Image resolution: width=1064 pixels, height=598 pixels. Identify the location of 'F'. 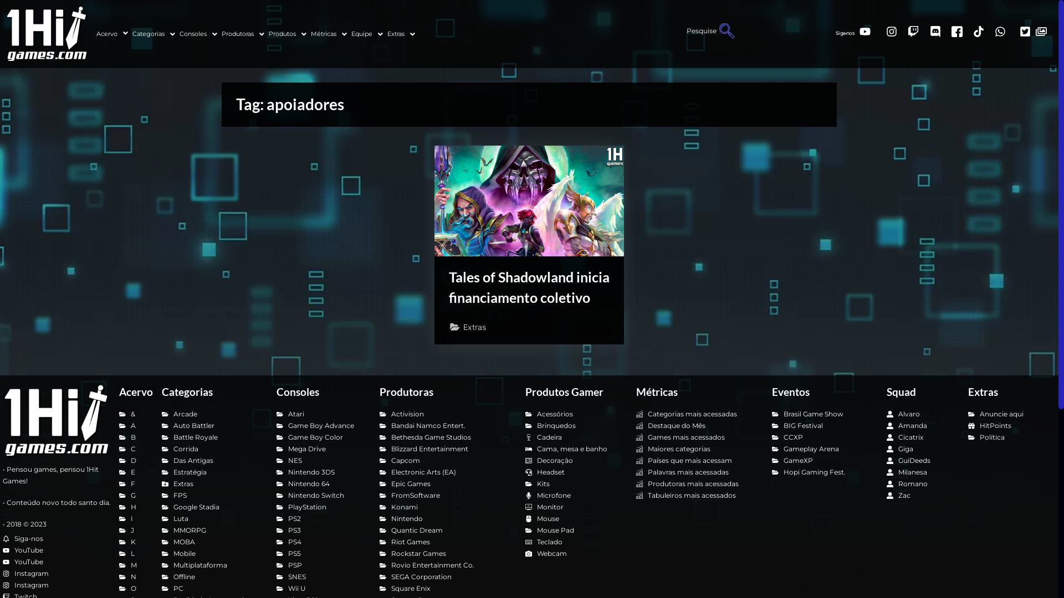
(119, 483).